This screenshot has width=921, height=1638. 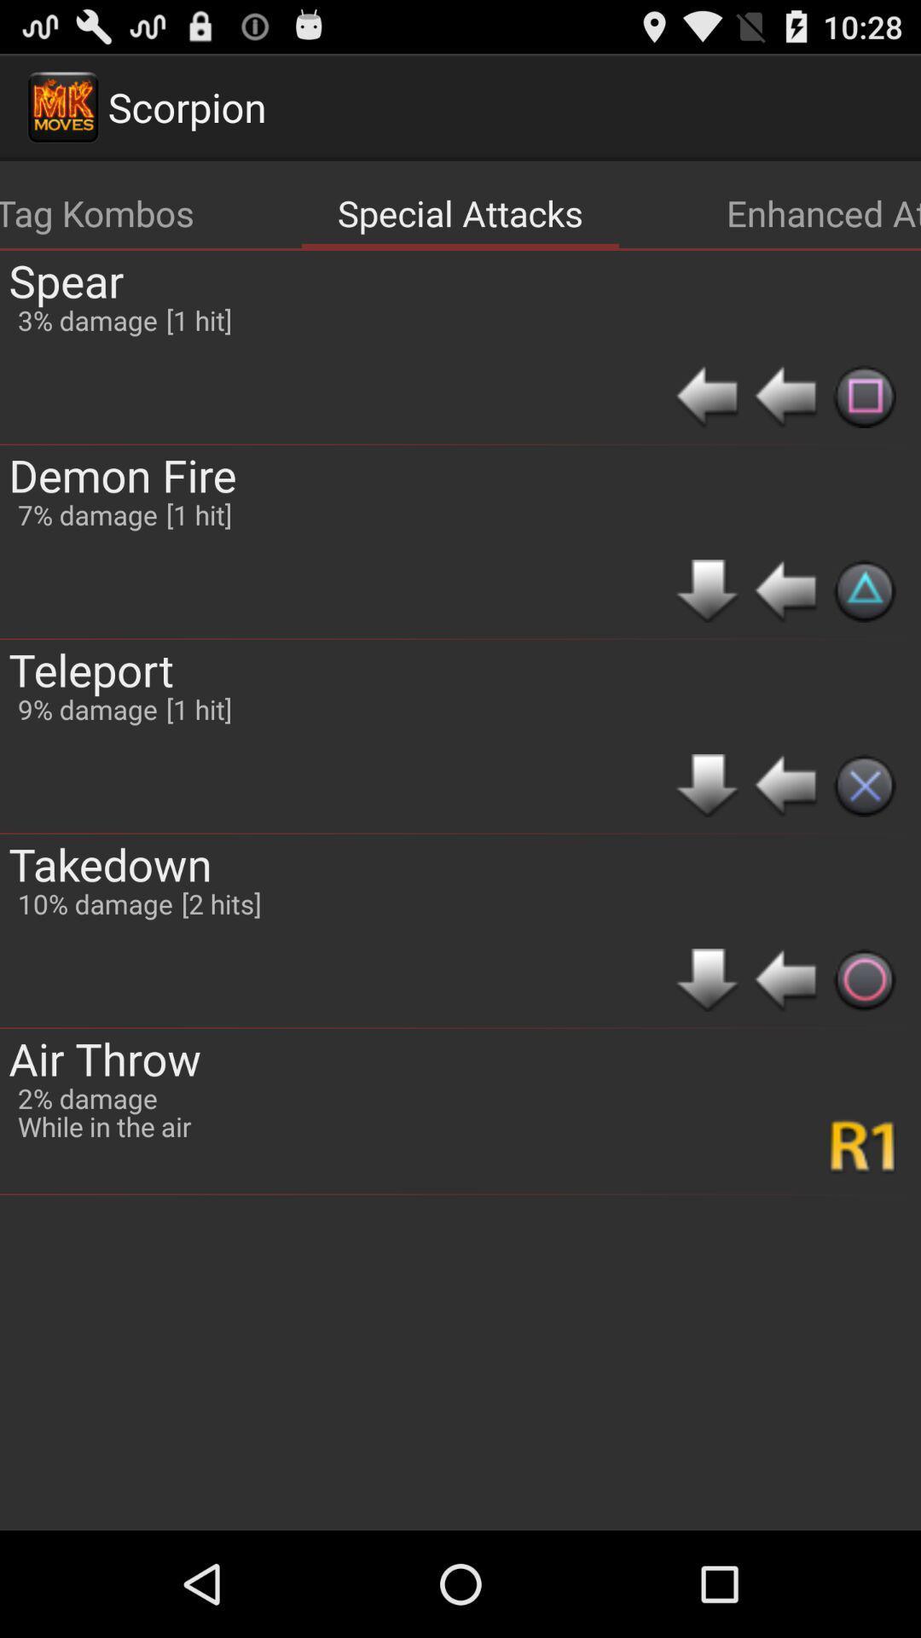 What do you see at coordinates (91, 668) in the screenshot?
I see `the teleport` at bounding box center [91, 668].